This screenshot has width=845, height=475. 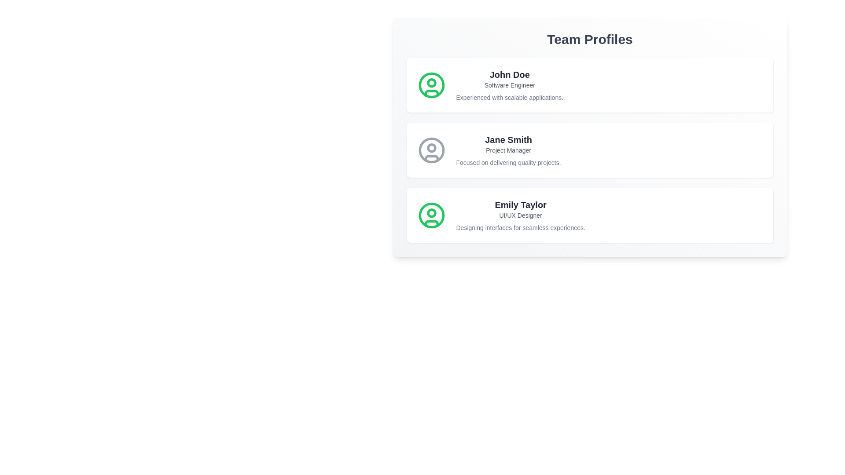 I want to click on the profile card of John Doe, so click(x=590, y=85).